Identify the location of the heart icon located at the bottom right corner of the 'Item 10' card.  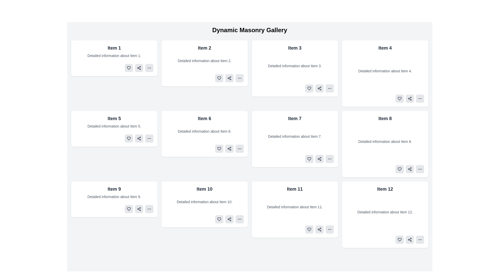
(219, 219).